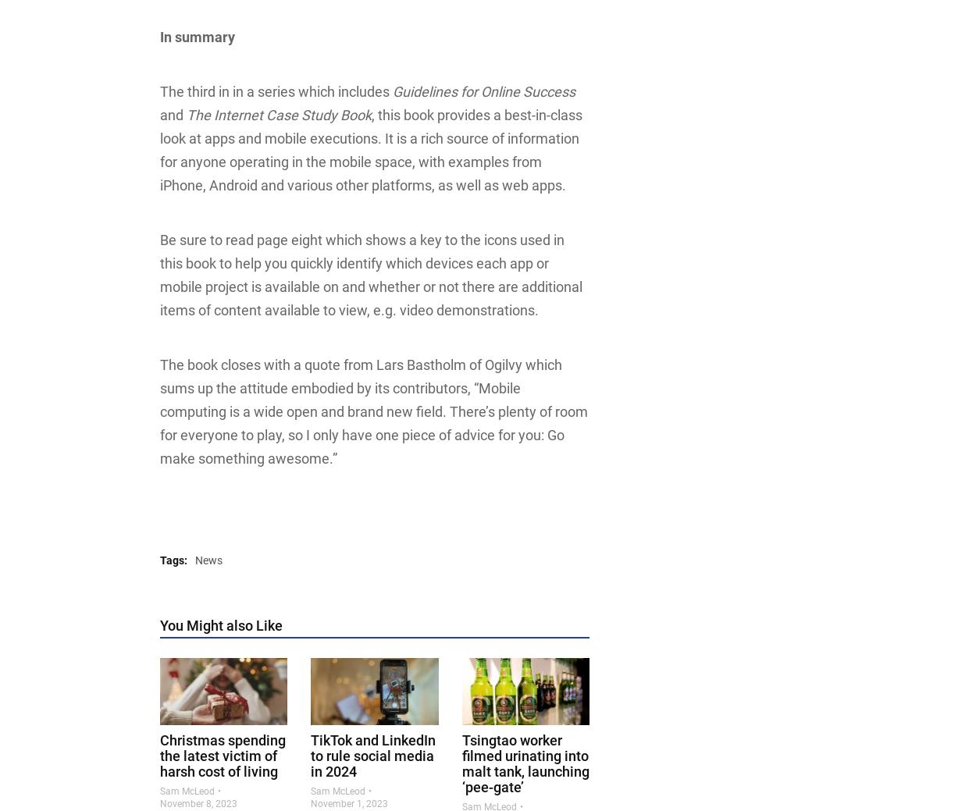 The height and width of the screenshot is (811, 976). I want to click on 'The Internet Case Study Book', so click(278, 114).